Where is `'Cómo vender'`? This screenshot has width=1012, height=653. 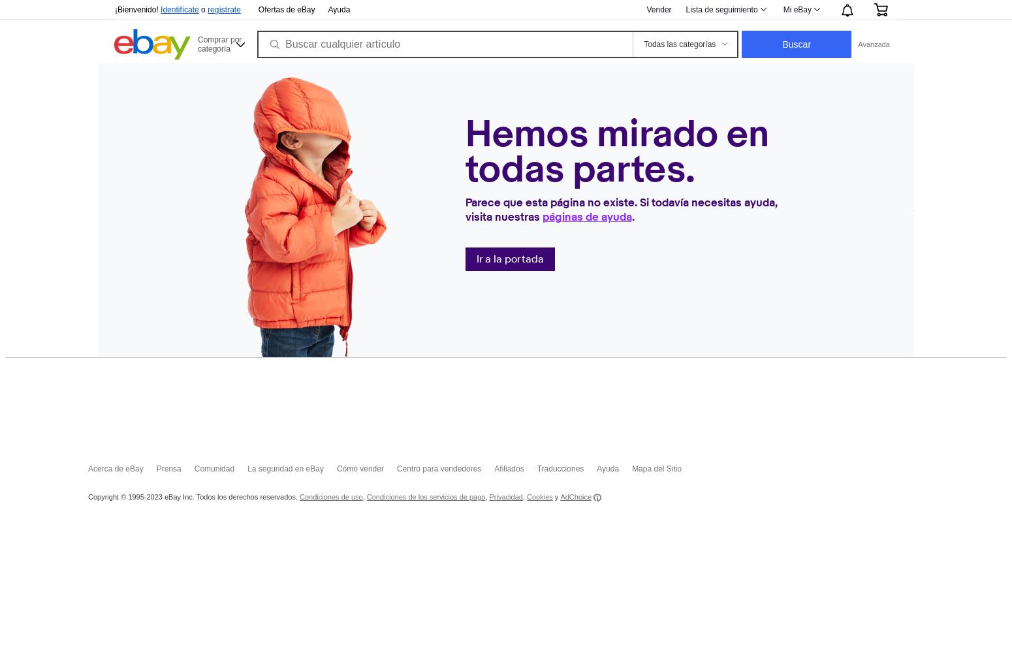 'Cómo vender' is located at coordinates (360, 468).